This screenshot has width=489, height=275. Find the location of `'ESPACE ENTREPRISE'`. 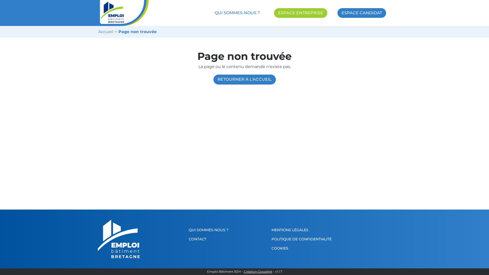

'ESPACE ENTREPRISE' is located at coordinates (301, 12).